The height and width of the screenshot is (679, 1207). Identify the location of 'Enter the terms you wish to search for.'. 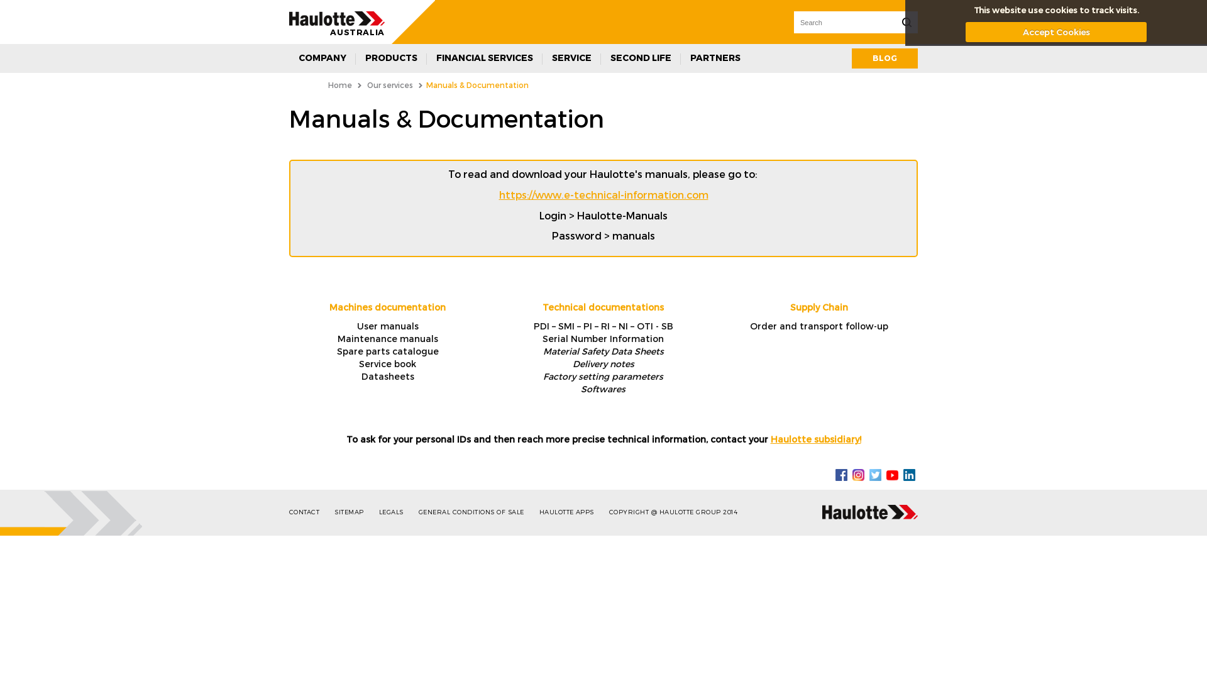
(844, 22).